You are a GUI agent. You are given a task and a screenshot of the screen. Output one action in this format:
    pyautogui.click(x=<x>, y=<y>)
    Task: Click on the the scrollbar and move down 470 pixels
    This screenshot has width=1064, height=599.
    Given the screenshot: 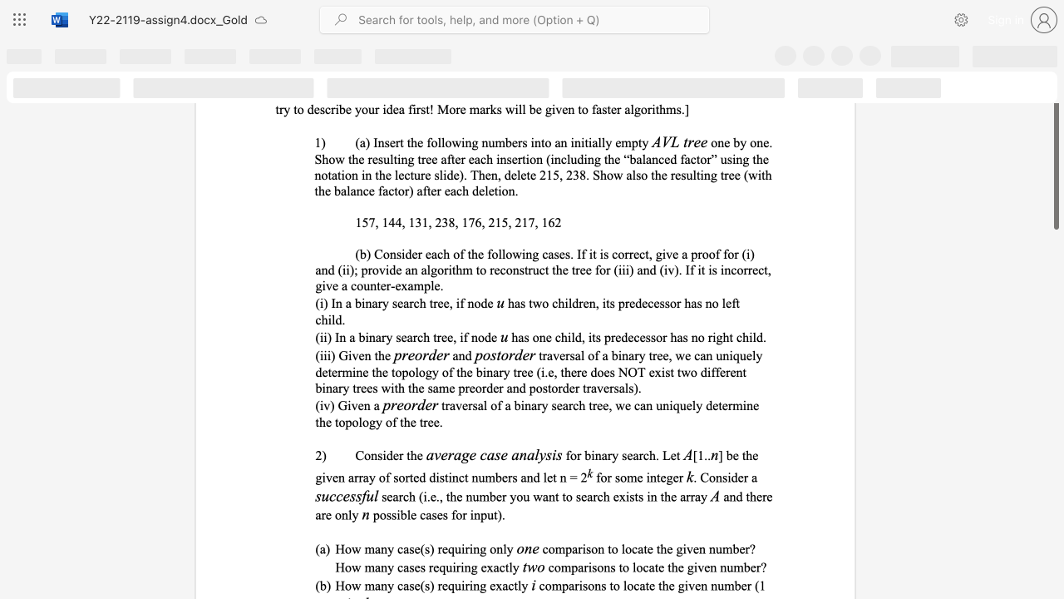 What is the action you would take?
    pyautogui.click(x=1055, y=154)
    